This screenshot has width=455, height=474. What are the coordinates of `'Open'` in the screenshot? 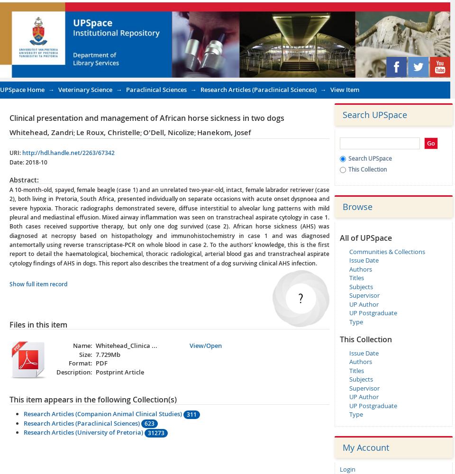 It's located at (214, 345).